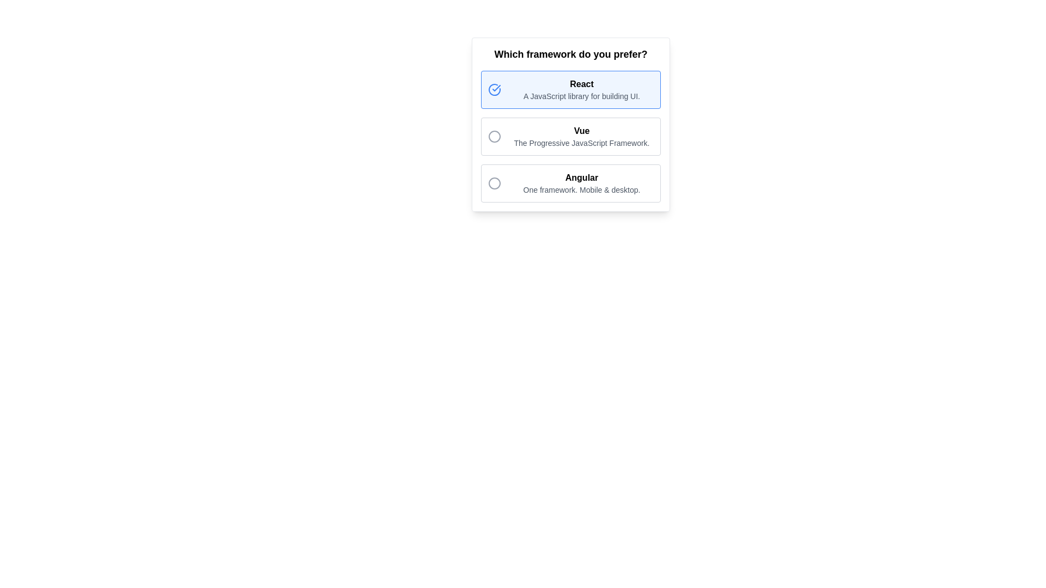 Image resolution: width=1046 pixels, height=588 pixels. I want to click on the radio button indicator for selecting the framework 'Vue' located in the second option row of the framework selection card, so click(494, 136).